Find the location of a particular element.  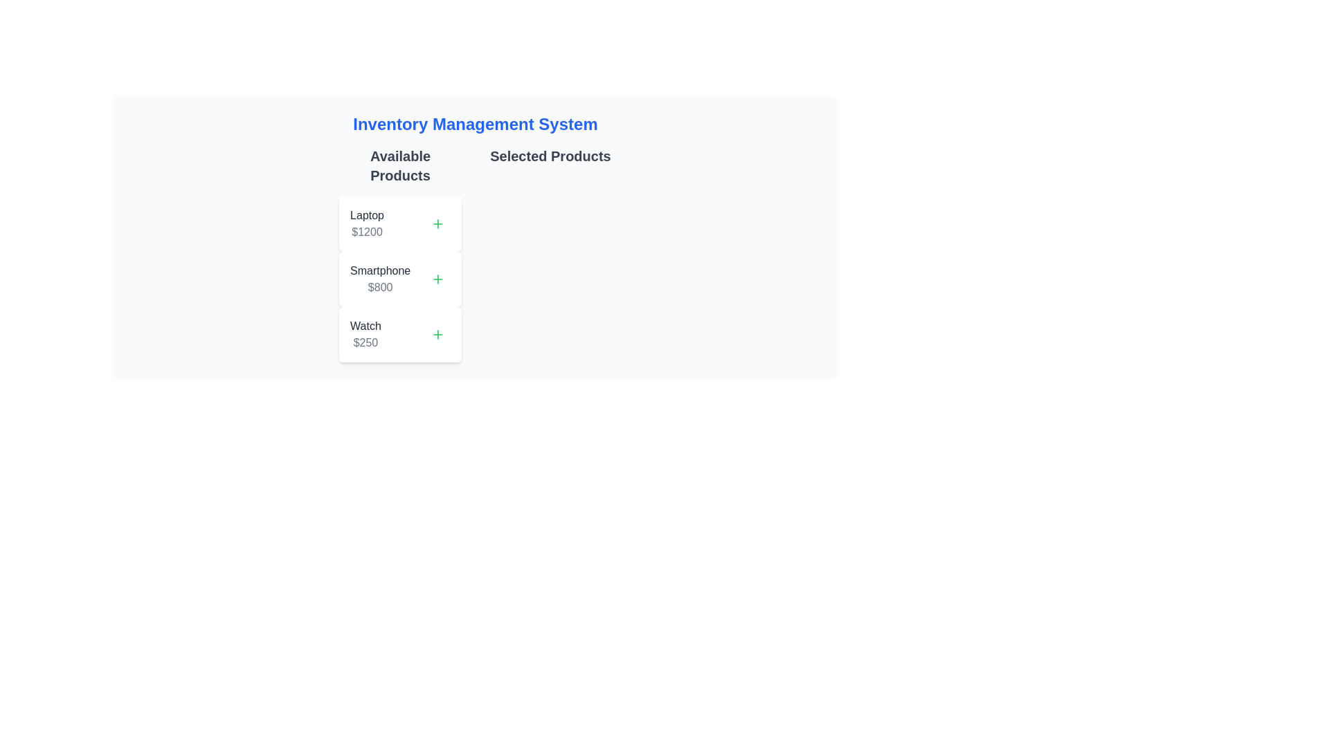

the small green '+' button for addition operations located adjacent to the '$1200' text in the first product card for 'Laptop' is located at coordinates (437, 223).